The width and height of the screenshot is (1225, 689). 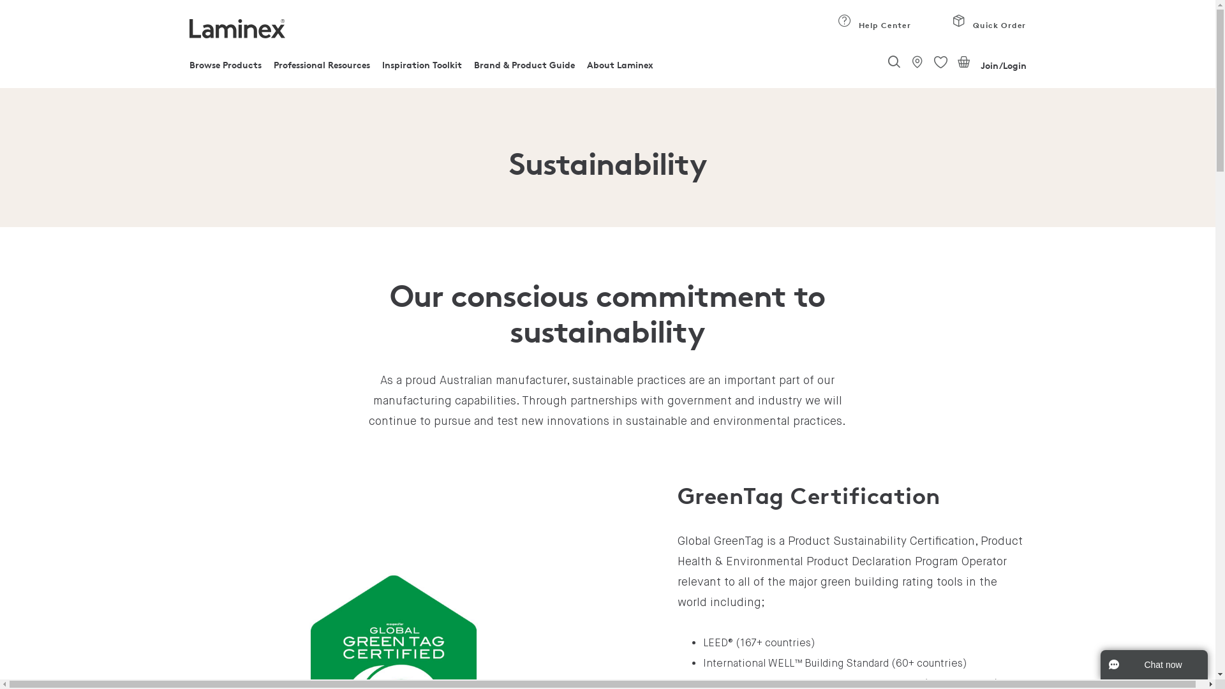 I want to click on 'Live chat:, so click(x=1154, y=663).